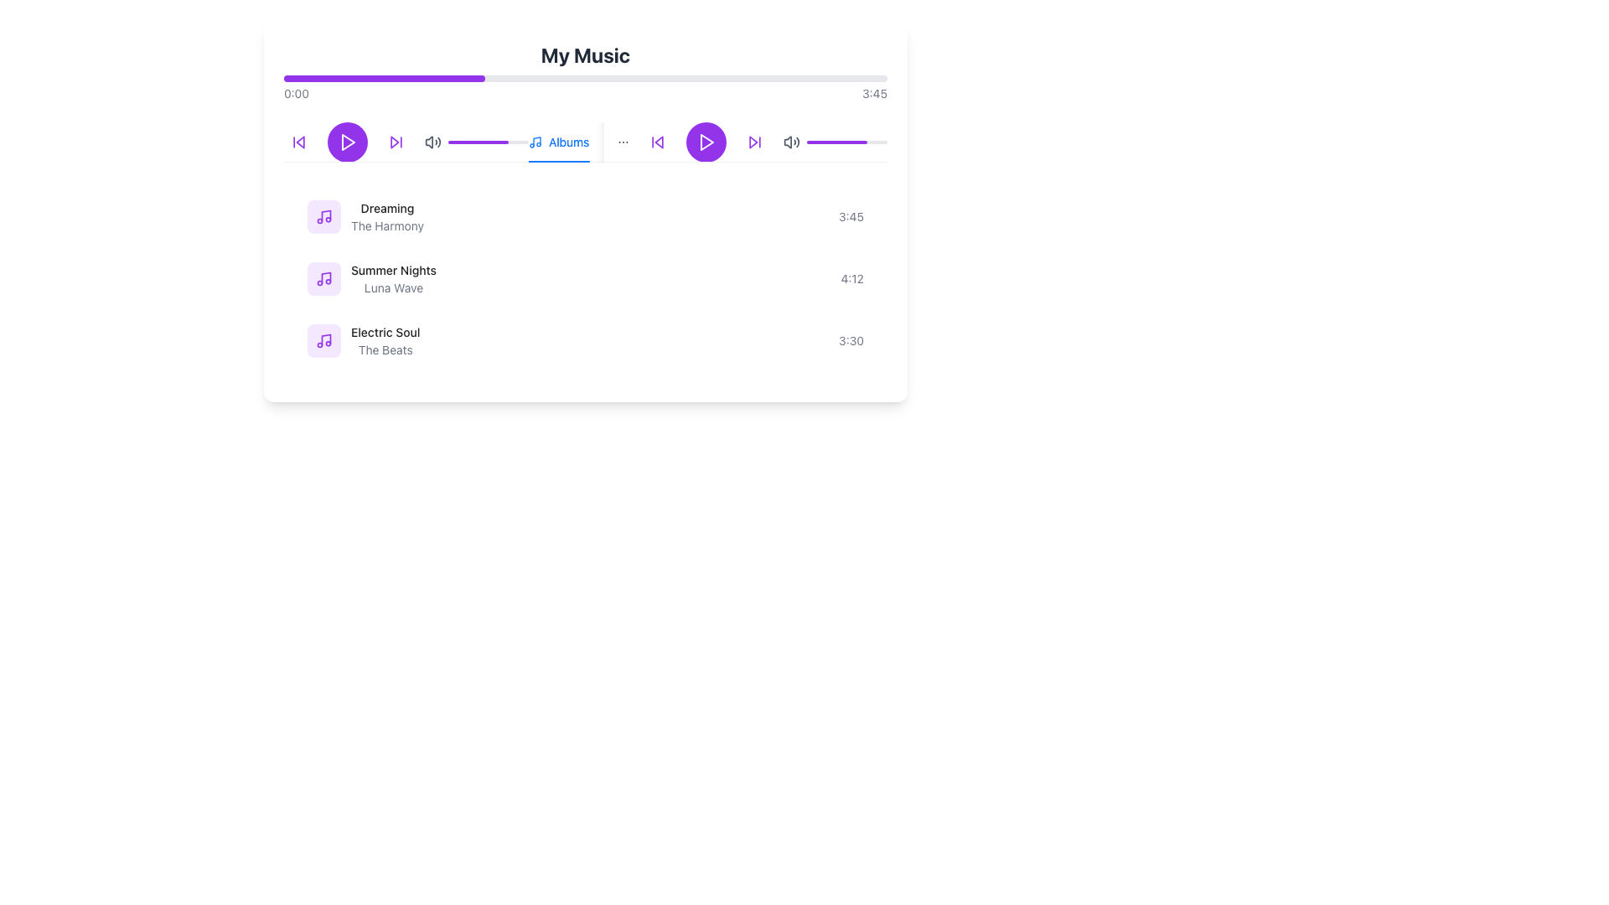 The height and width of the screenshot is (905, 1609). Describe the element at coordinates (324, 340) in the screenshot. I see `the static icon representing the content type for the music track 'Electric Soul'` at that location.